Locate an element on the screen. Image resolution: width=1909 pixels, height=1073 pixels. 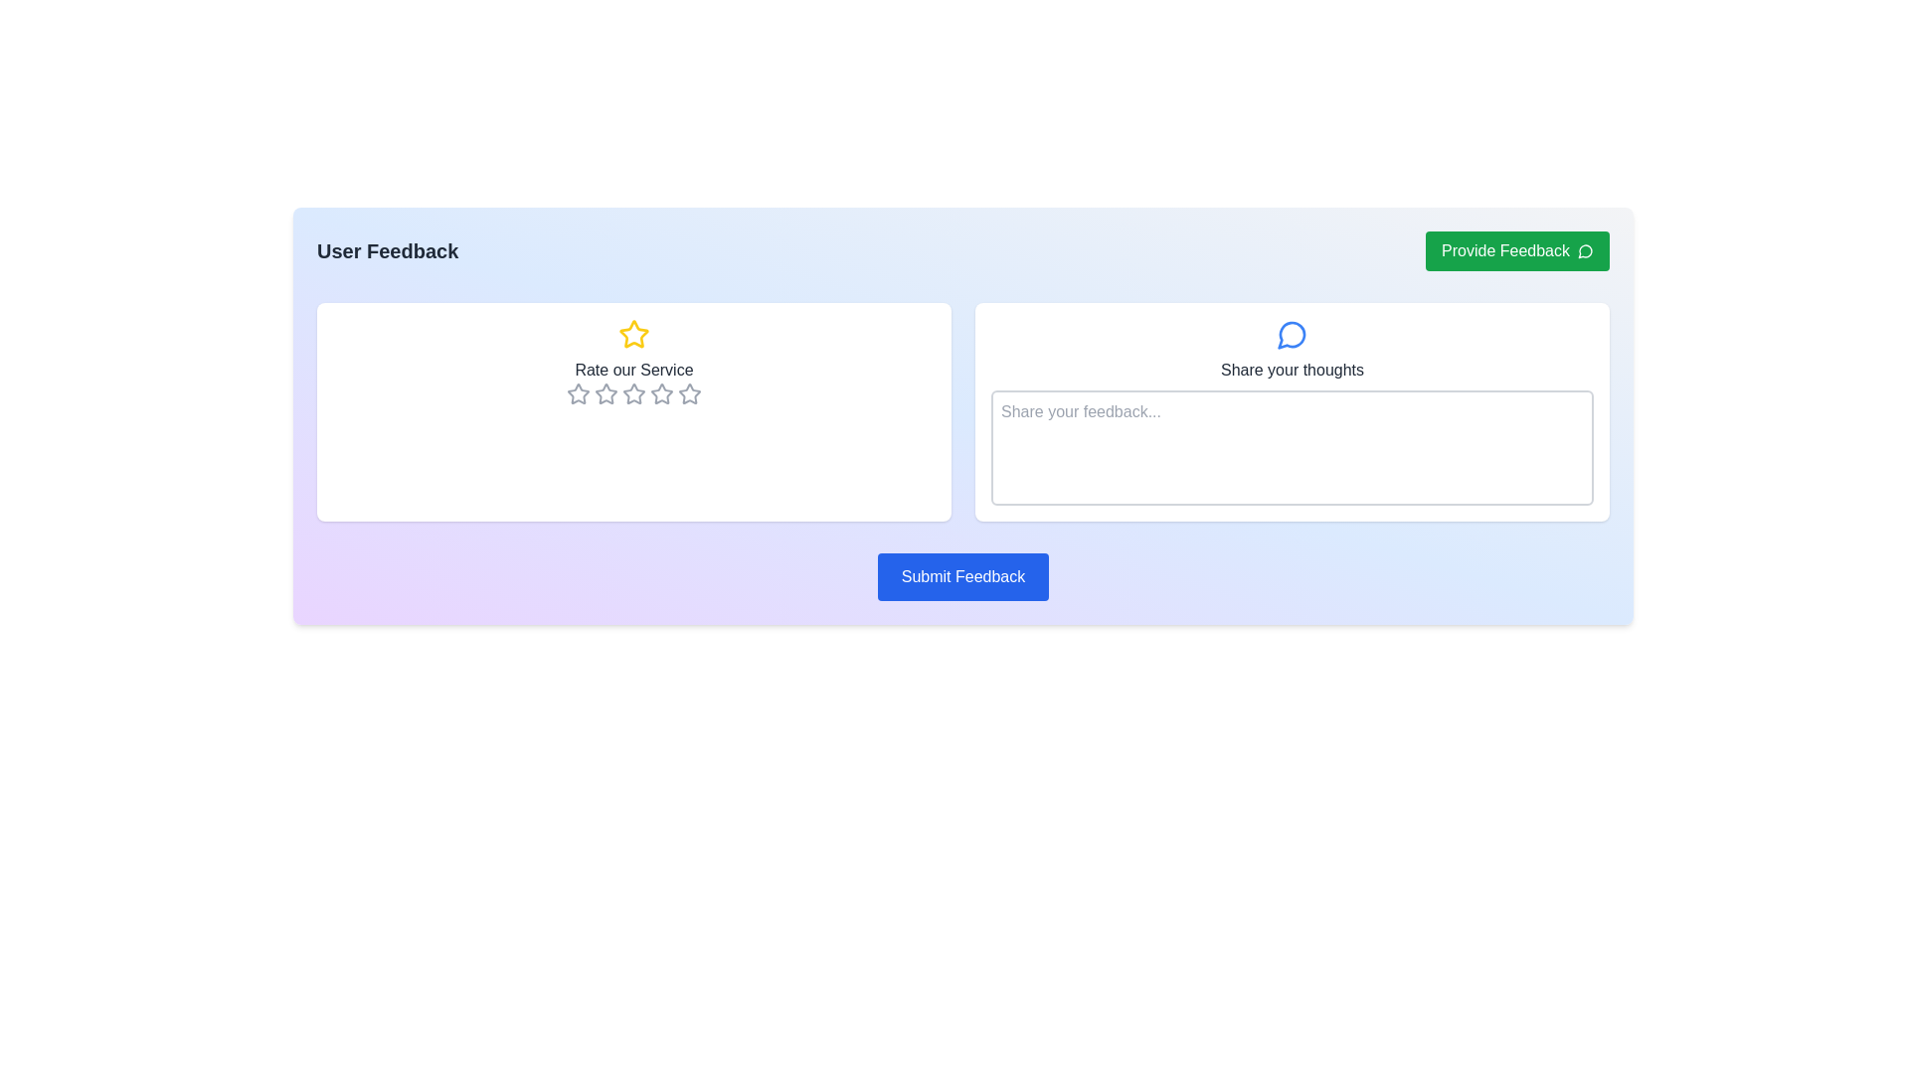
the first star icon is located at coordinates (577, 393).